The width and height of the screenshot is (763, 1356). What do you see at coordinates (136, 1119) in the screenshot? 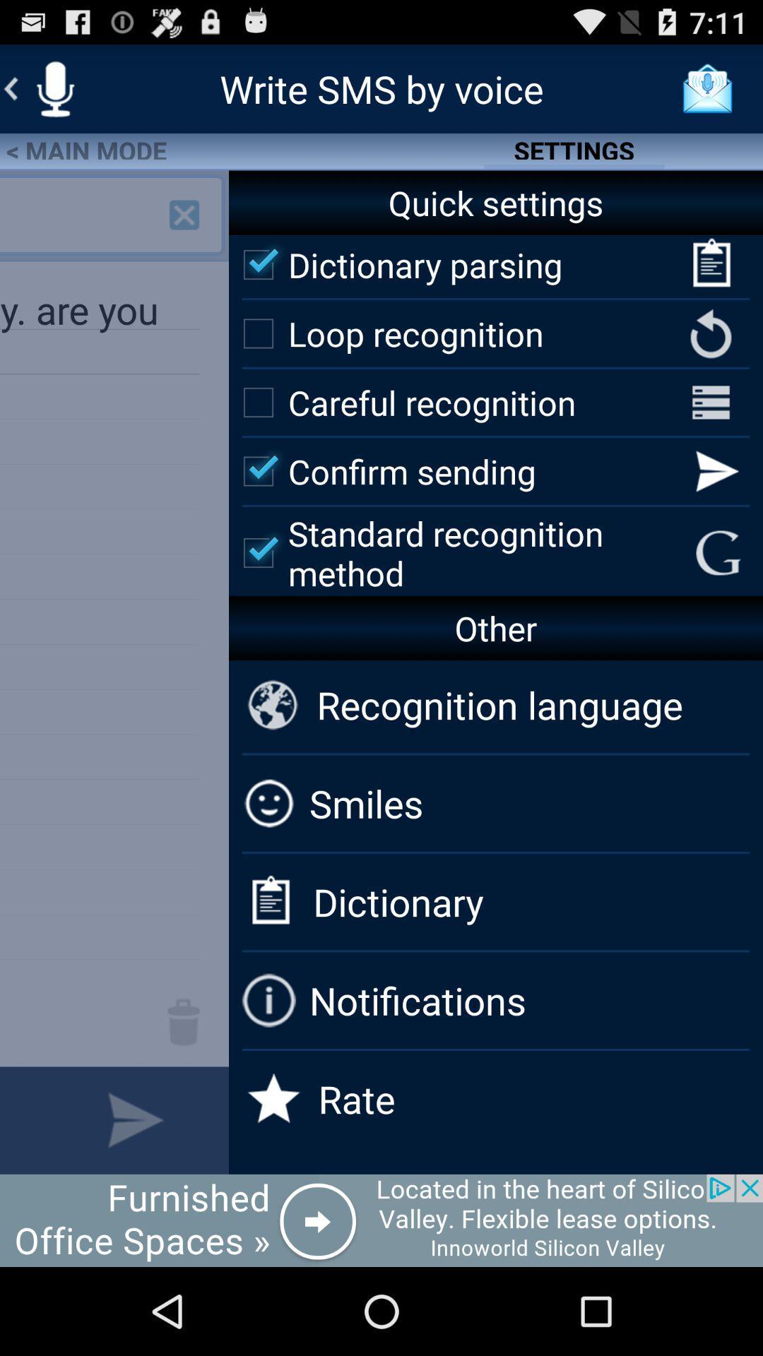
I see `message sending option` at bounding box center [136, 1119].